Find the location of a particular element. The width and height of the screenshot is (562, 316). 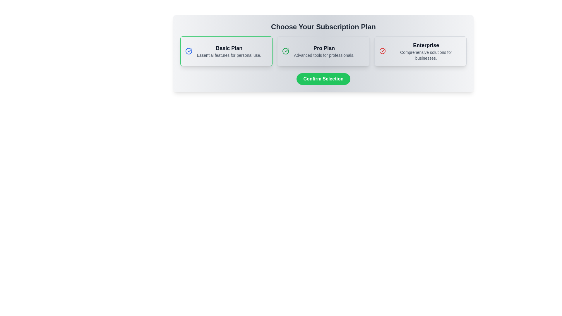

static descriptive text that provides details about the features associated with the 'Basic Plan' subscription option, located immediately below its title text in the 'Basic Plan' section is located at coordinates (229, 55).